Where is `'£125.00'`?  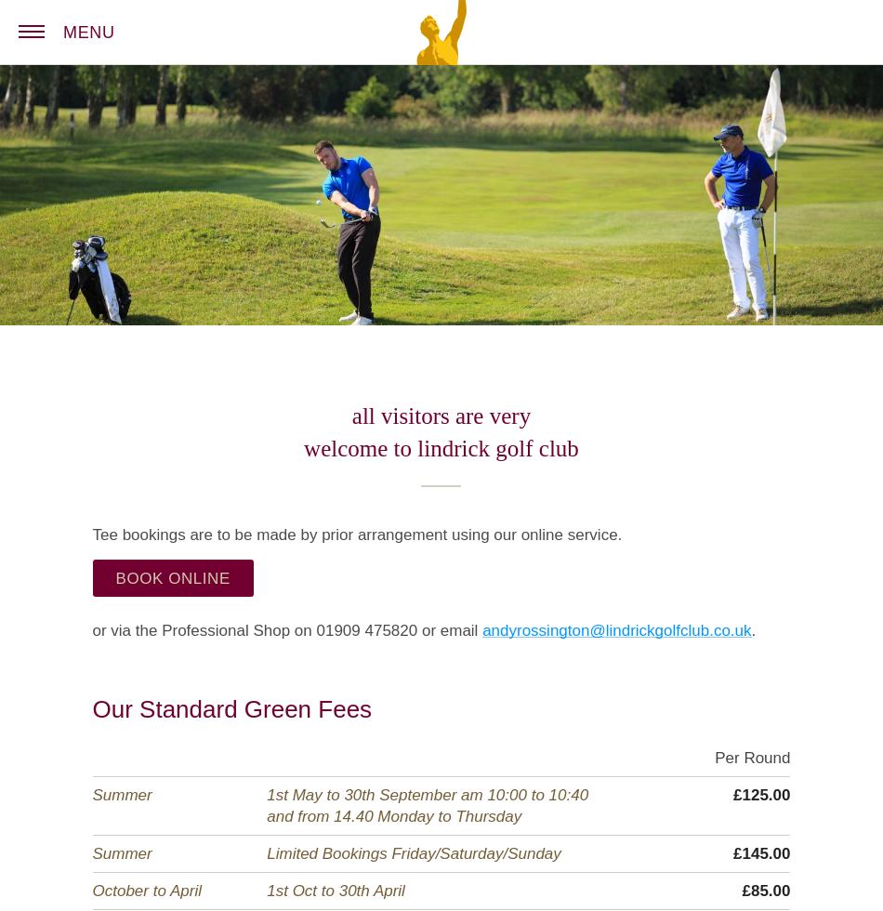 '£125.00' is located at coordinates (760, 794).